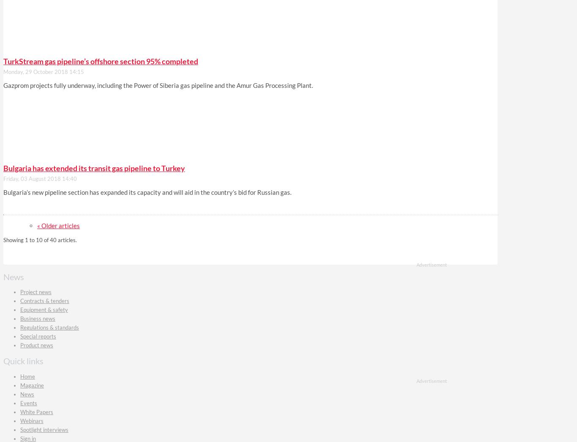 The image size is (577, 442). I want to click on 'Bulgaria has extended its transit gas pipeline to Turkey', so click(3, 168).